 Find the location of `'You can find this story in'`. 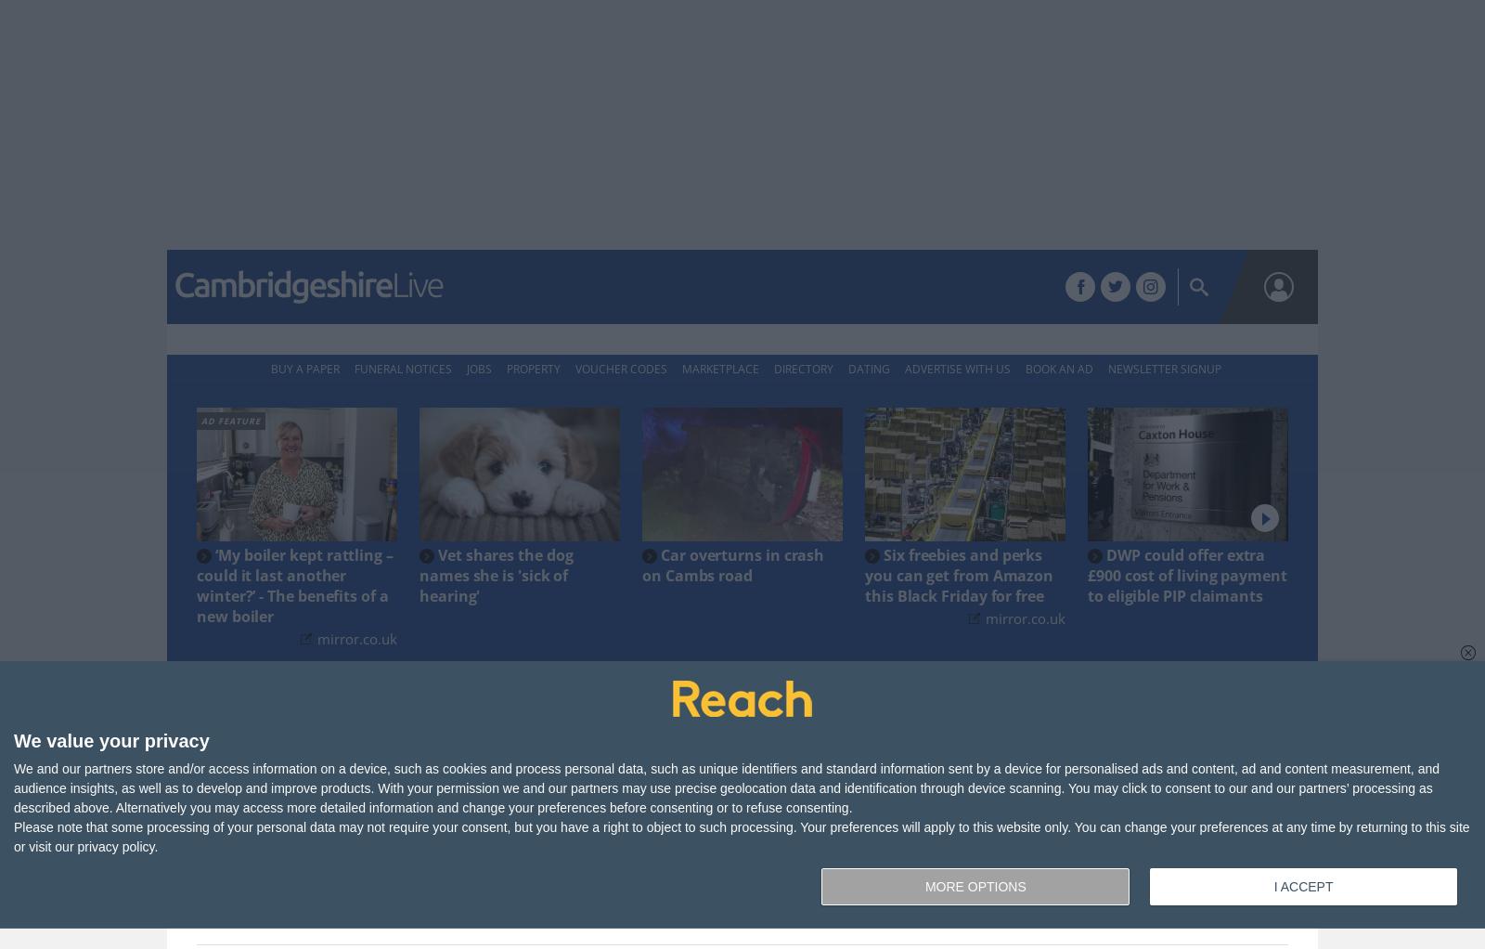

'You can find this story in' is located at coordinates (683, 829).